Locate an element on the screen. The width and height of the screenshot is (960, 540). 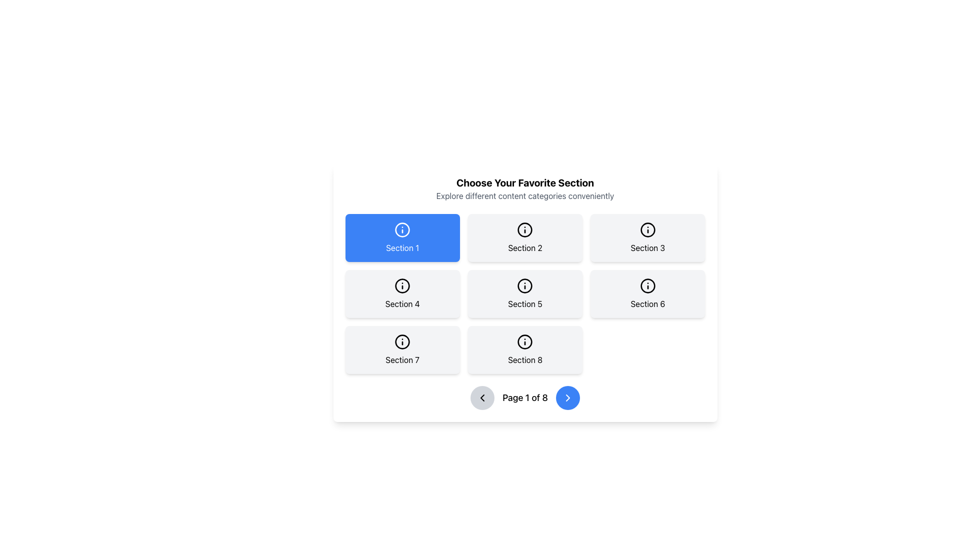
the informational icon located at the center of the 'Section 8' button in the lower-right corner of the grid for additional interaction is located at coordinates (524, 341).